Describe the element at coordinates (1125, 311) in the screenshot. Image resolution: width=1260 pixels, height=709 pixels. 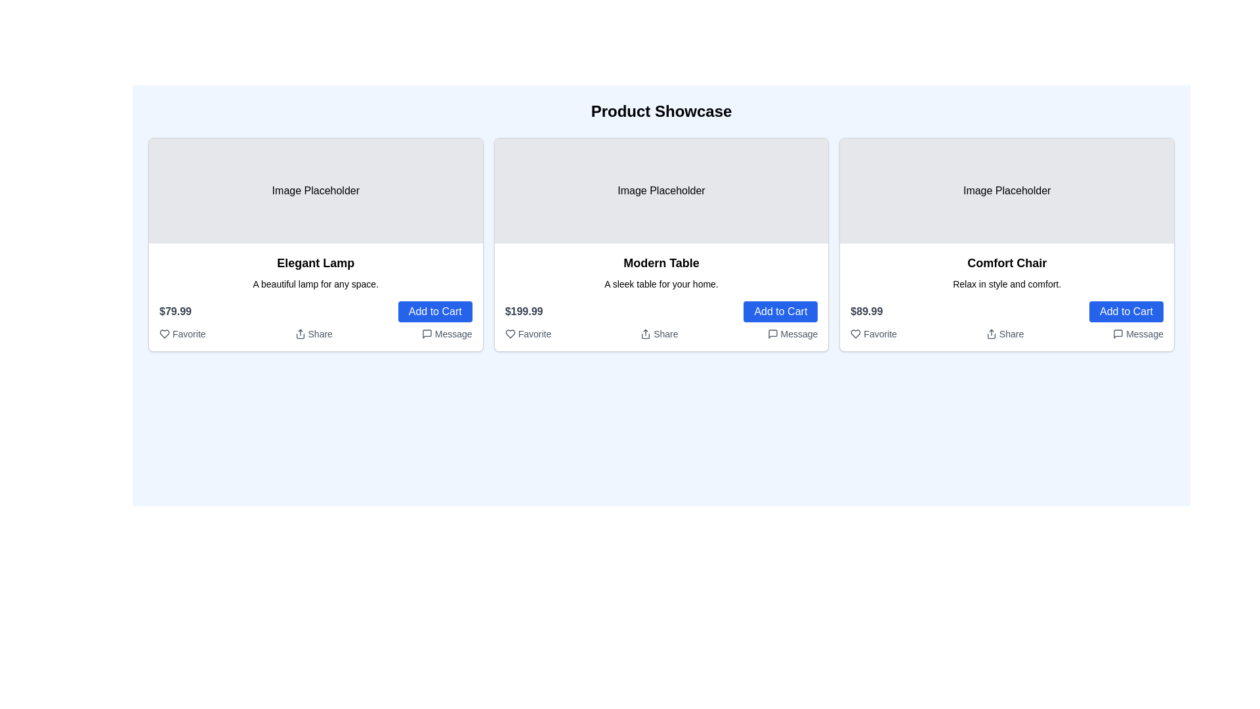
I see `the 'Add to Cart' button with a blue background and white text located in the bottom-right section of the product card for 'Comfort Chair' to trigger visual feedback` at that location.